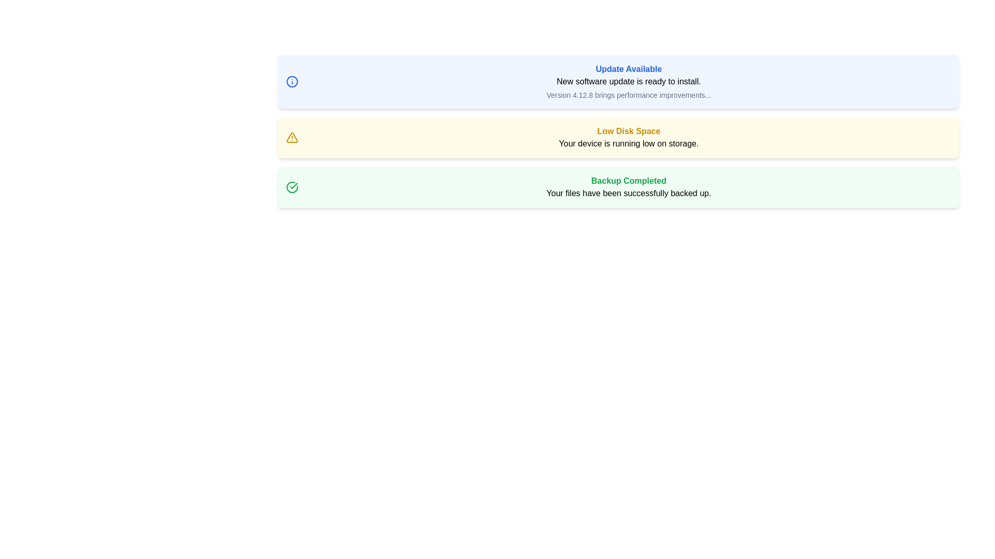 This screenshot has height=559, width=995. Describe the element at coordinates (628, 187) in the screenshot. I see `notification text displayed in the green-styled notification panel, which indicates that the backup process has completed successfully and is positioned below the 'Update Available' and 'Low Disk Space' notifications` at that location.